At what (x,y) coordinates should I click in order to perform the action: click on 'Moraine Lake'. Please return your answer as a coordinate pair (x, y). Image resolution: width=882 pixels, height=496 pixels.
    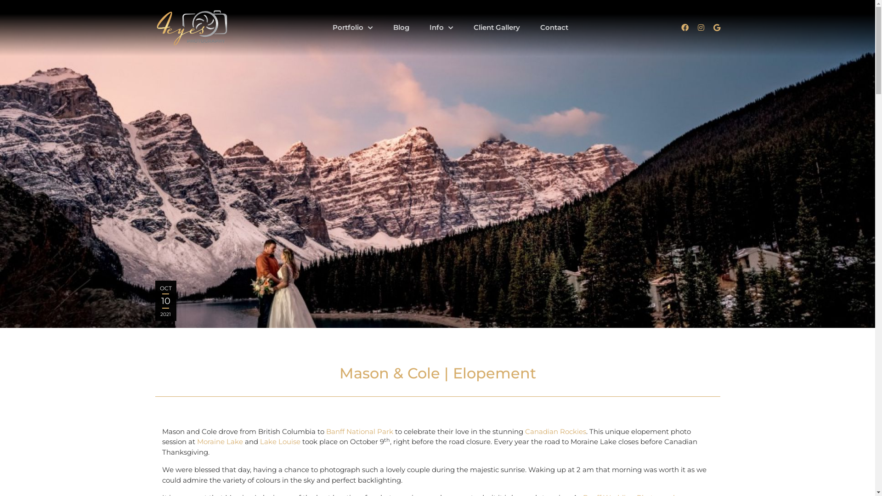
    Looking at the image, I should click on (219, 441).